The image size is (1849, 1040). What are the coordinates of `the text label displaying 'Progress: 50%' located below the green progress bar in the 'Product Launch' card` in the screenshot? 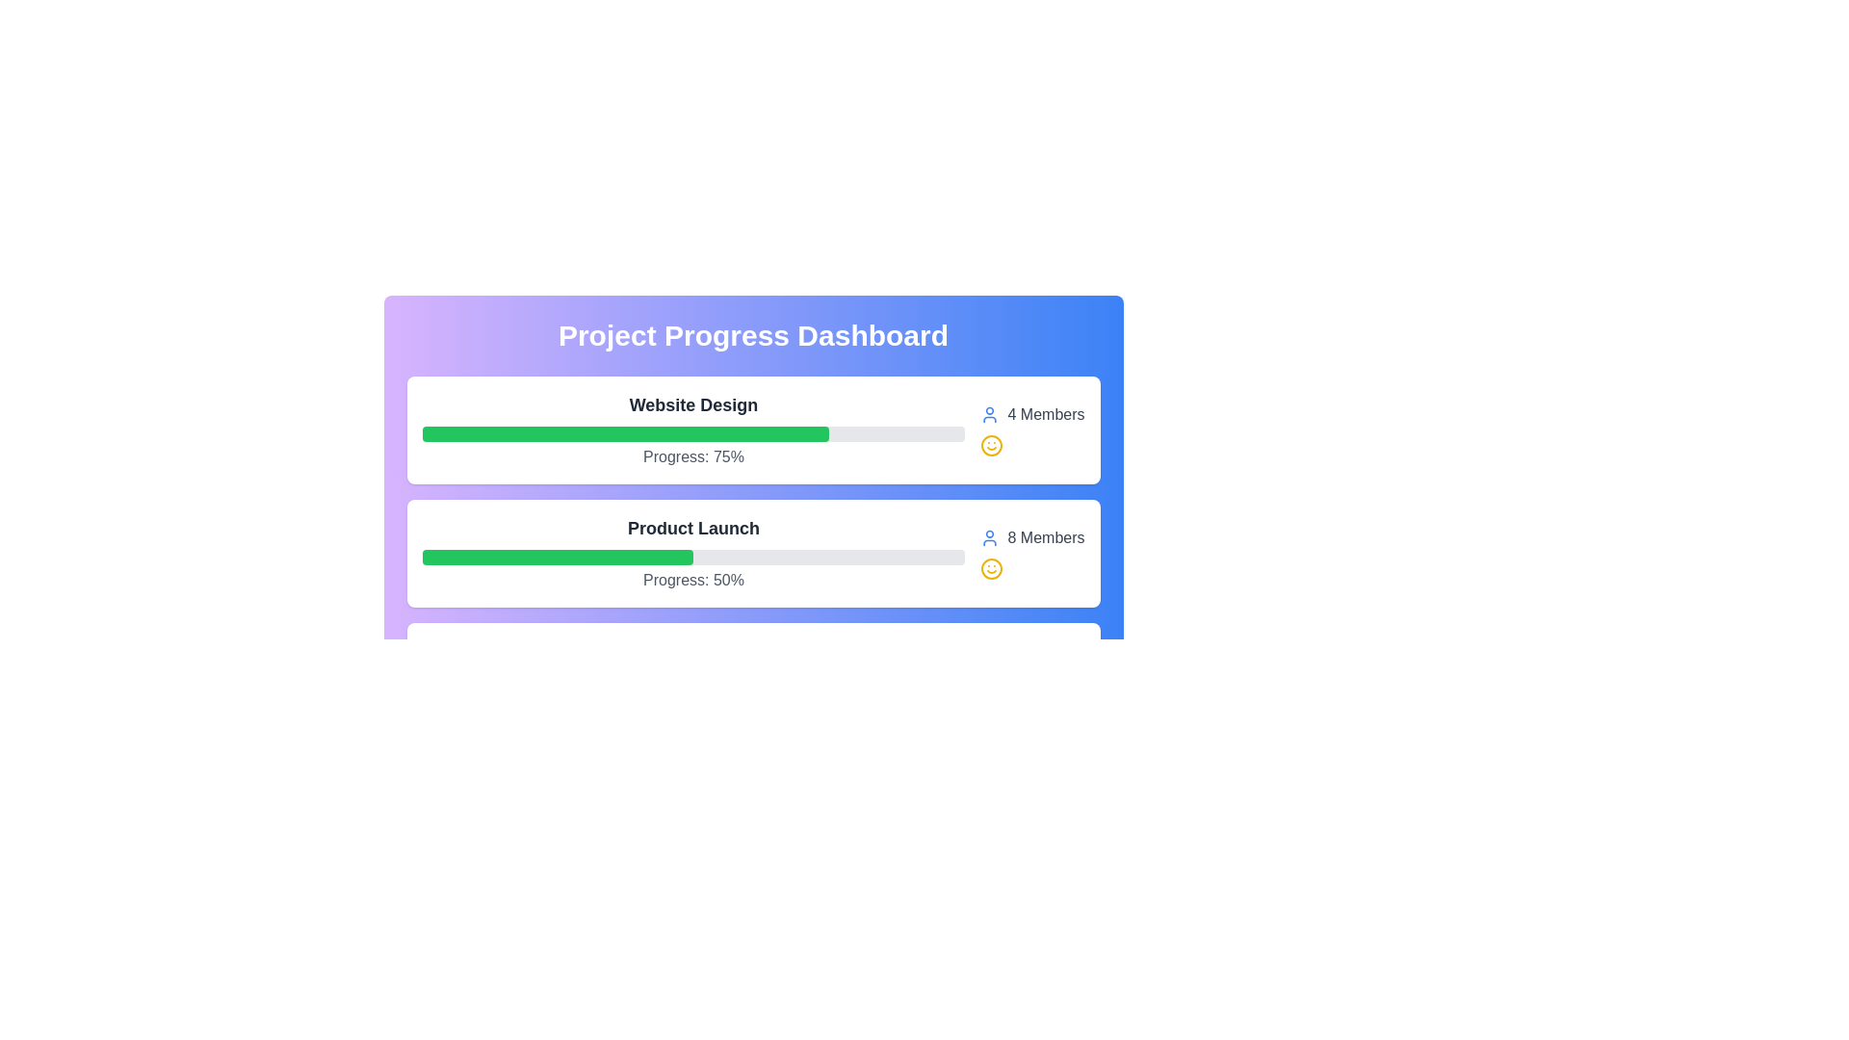 It's located at (693, 579).